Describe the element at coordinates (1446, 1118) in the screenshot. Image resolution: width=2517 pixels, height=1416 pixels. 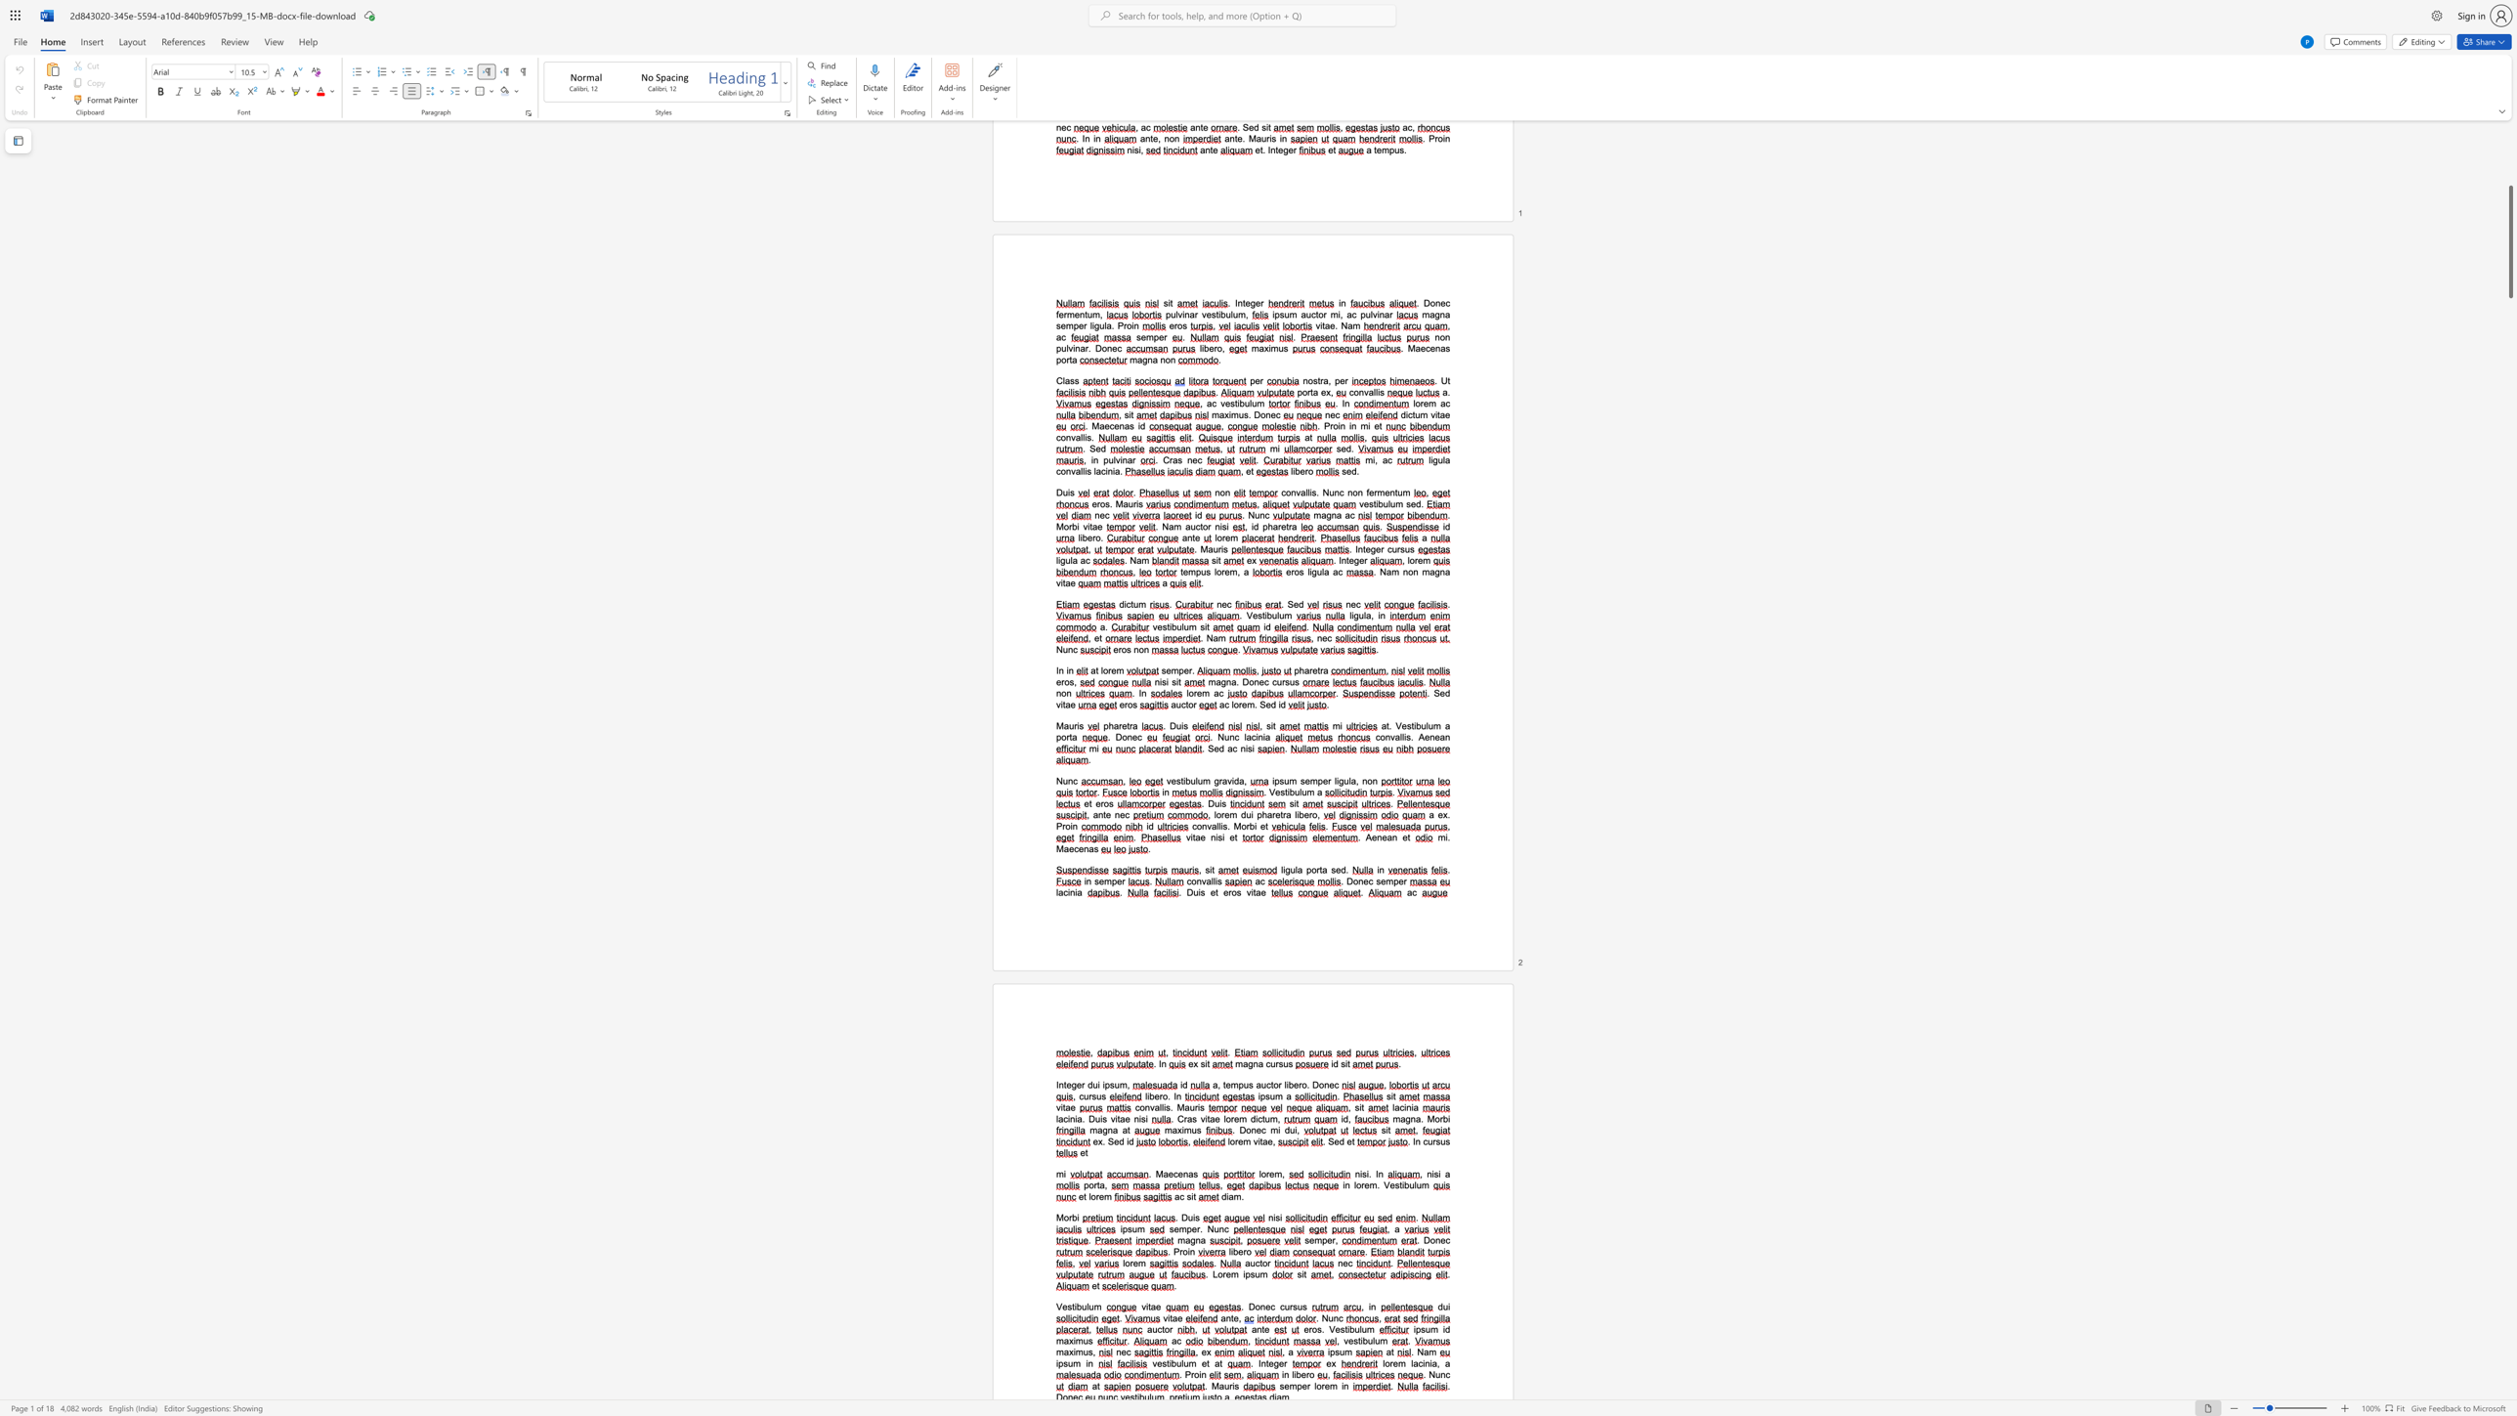
I see `the space between the continuous character "b" and "i" in the text` at that location.